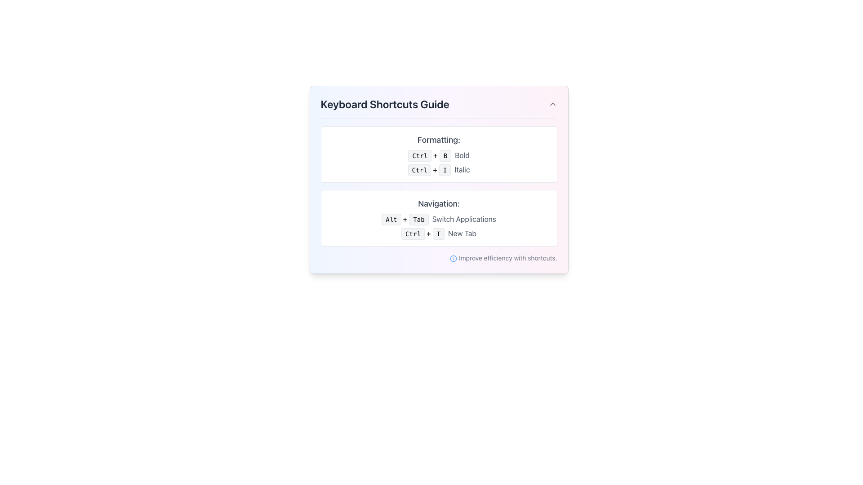 The height and width of the screenshot is (485, 863). Describe the element at coordinates (435, 170) in the screenshot. I see `the Text label that visually indicates a keyboard shortcut separator, located between 'Ctrl' and 'I'` at that location.